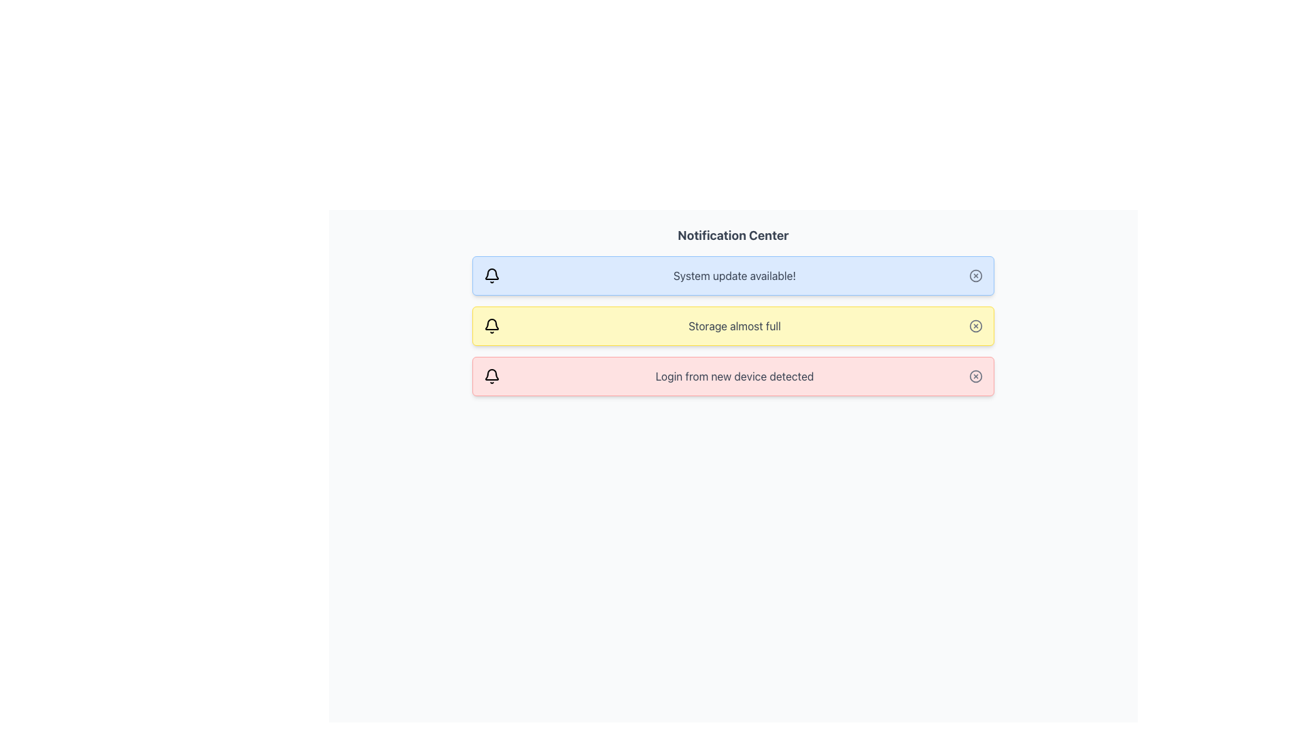 This screenshot has height=734, width=1305. I want to click on the bell icon in the yellow notification bar that indicates 'Storage almost full.' This icon is the first element on the left side of the bar, so click(491, 326).